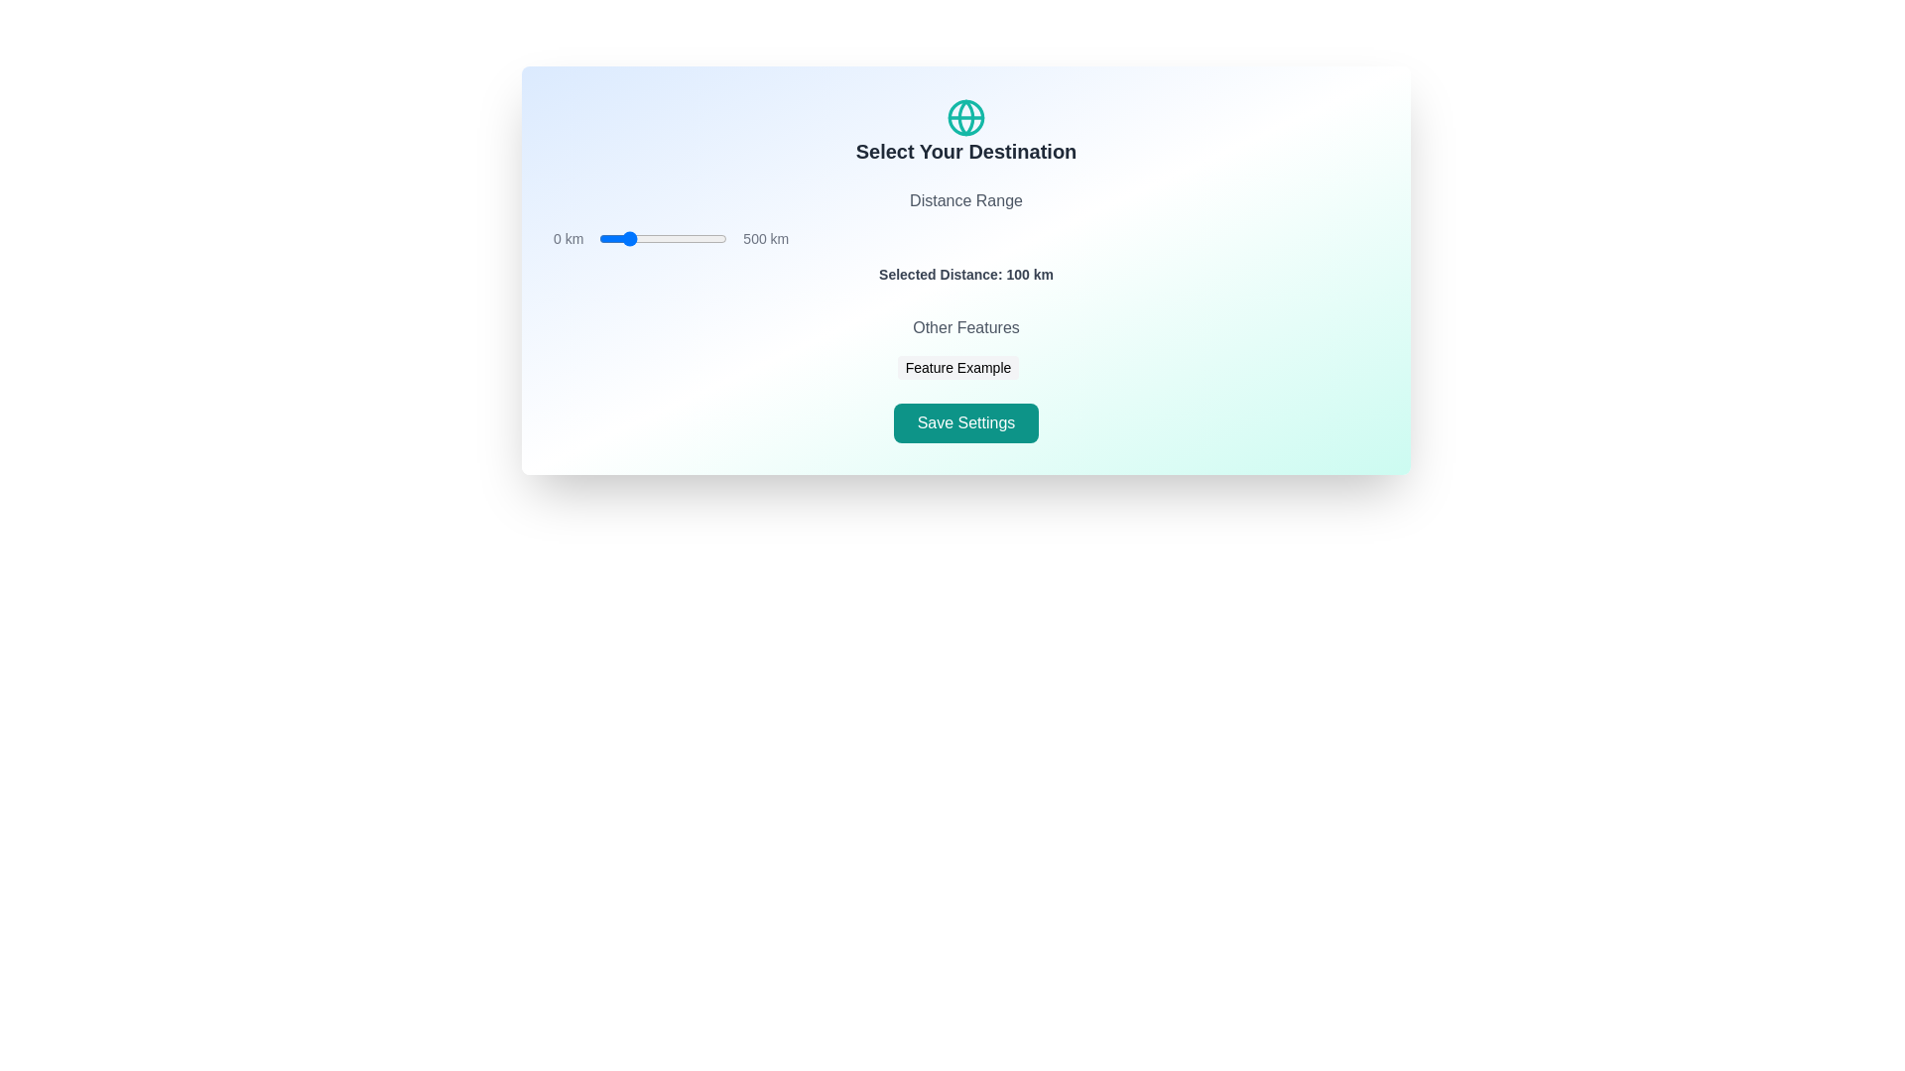  I want to click on the 'Save Settings' button to save the current configuration, so click(966, 422).